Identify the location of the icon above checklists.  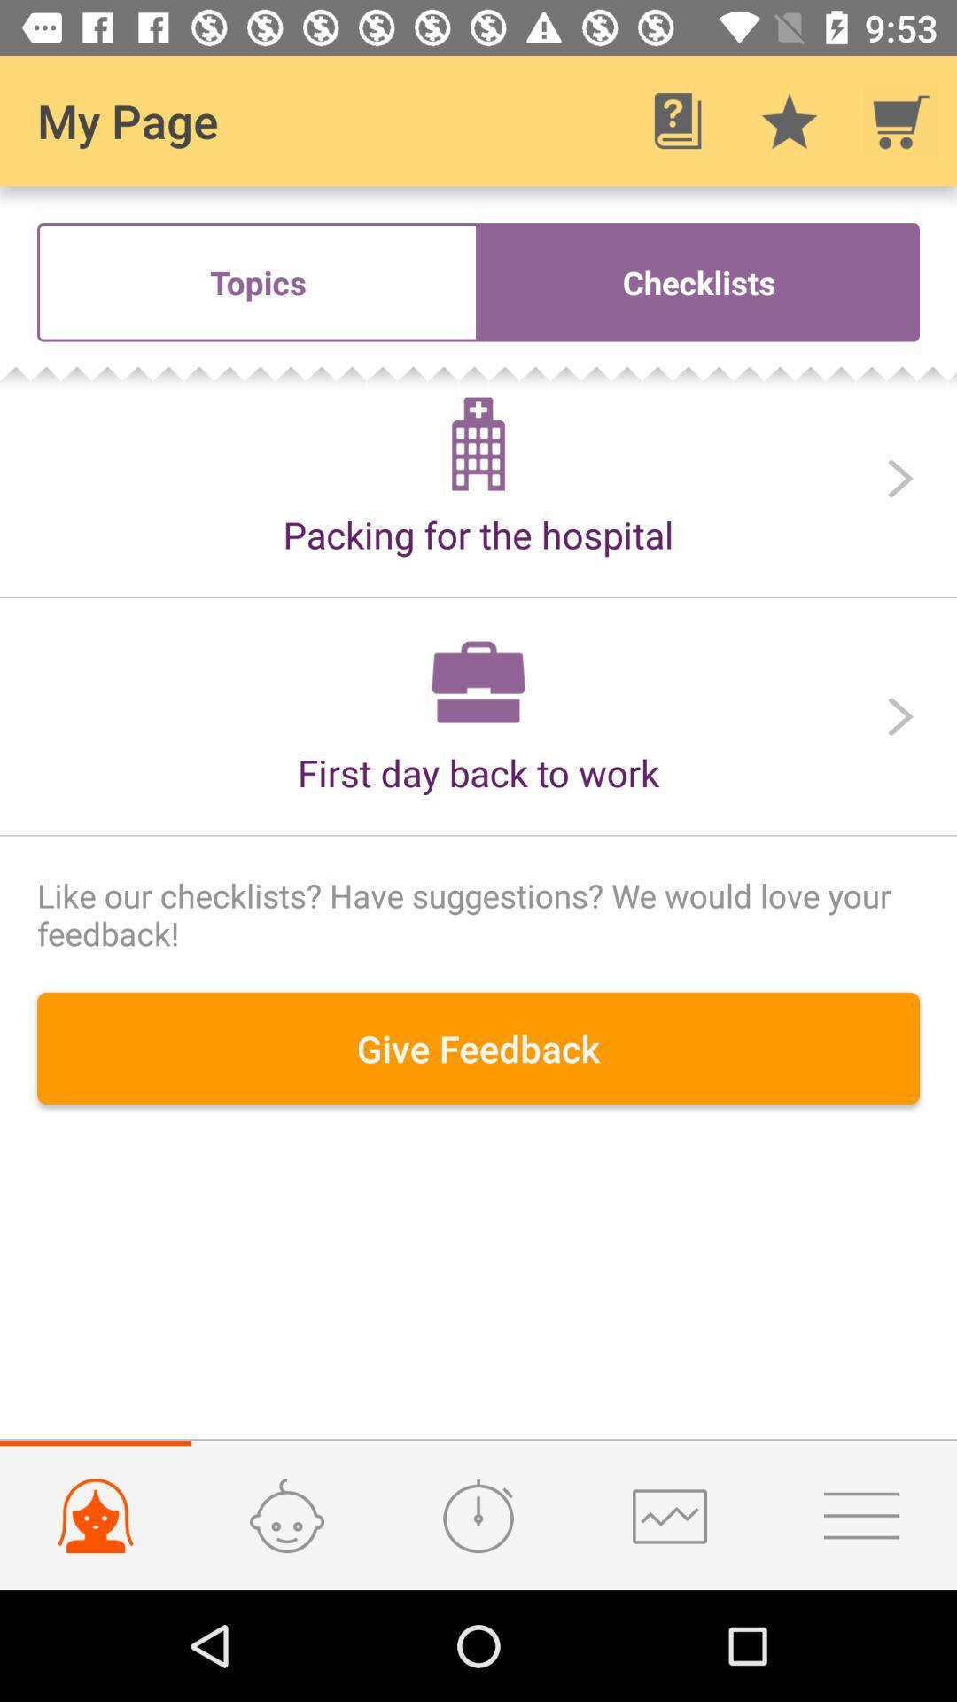
(677, 120).